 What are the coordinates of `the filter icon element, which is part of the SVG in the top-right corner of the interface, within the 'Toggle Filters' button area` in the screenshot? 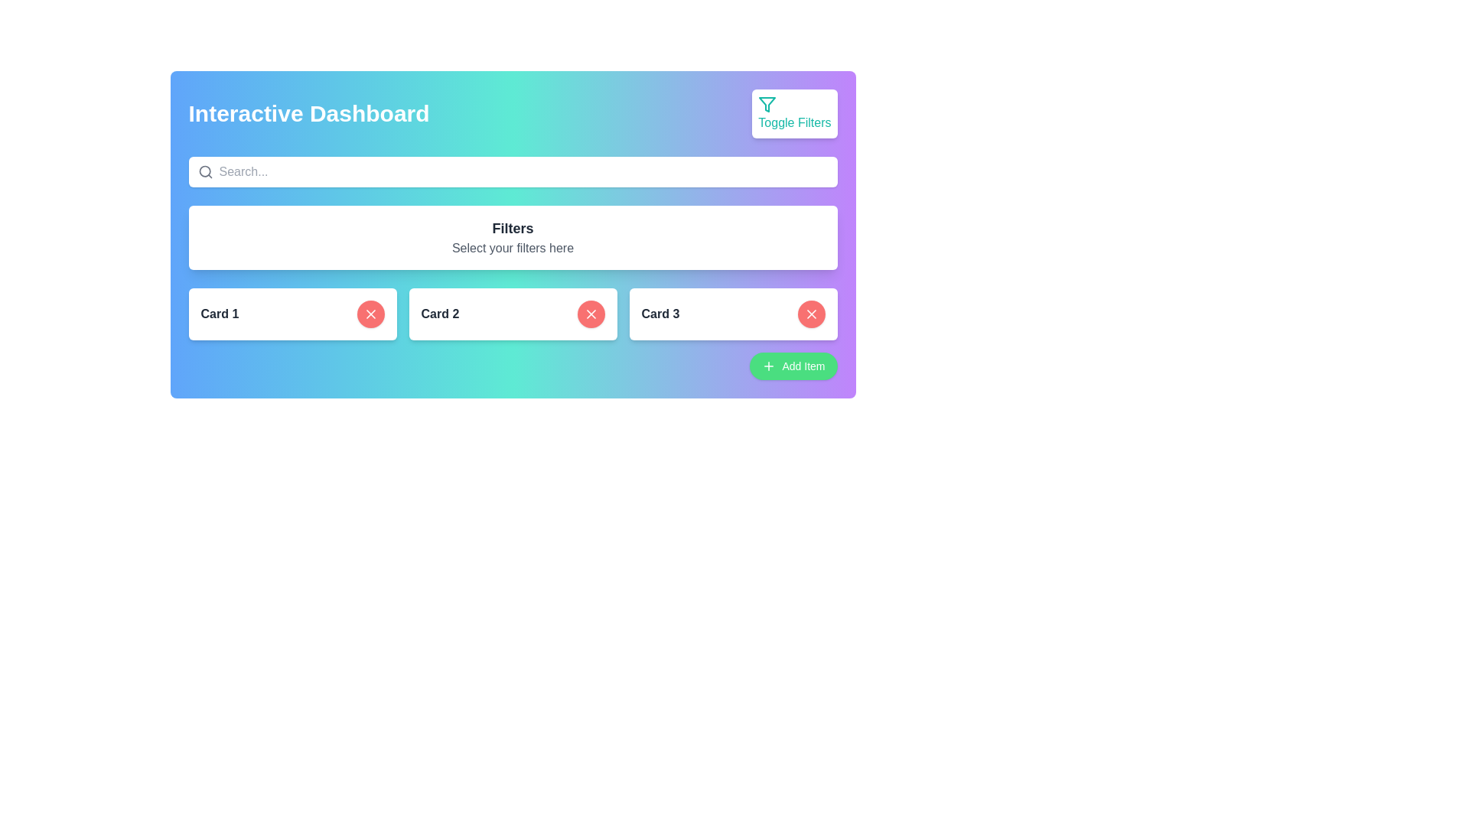 It's located at (767, 104).